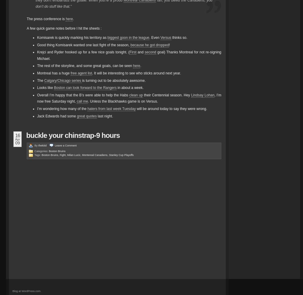 Image resolution: width=303 pixels, height=295 pixels. Describe the element at coordinates (17, 139) in the screenshot. I see `'Apr'` at that location.